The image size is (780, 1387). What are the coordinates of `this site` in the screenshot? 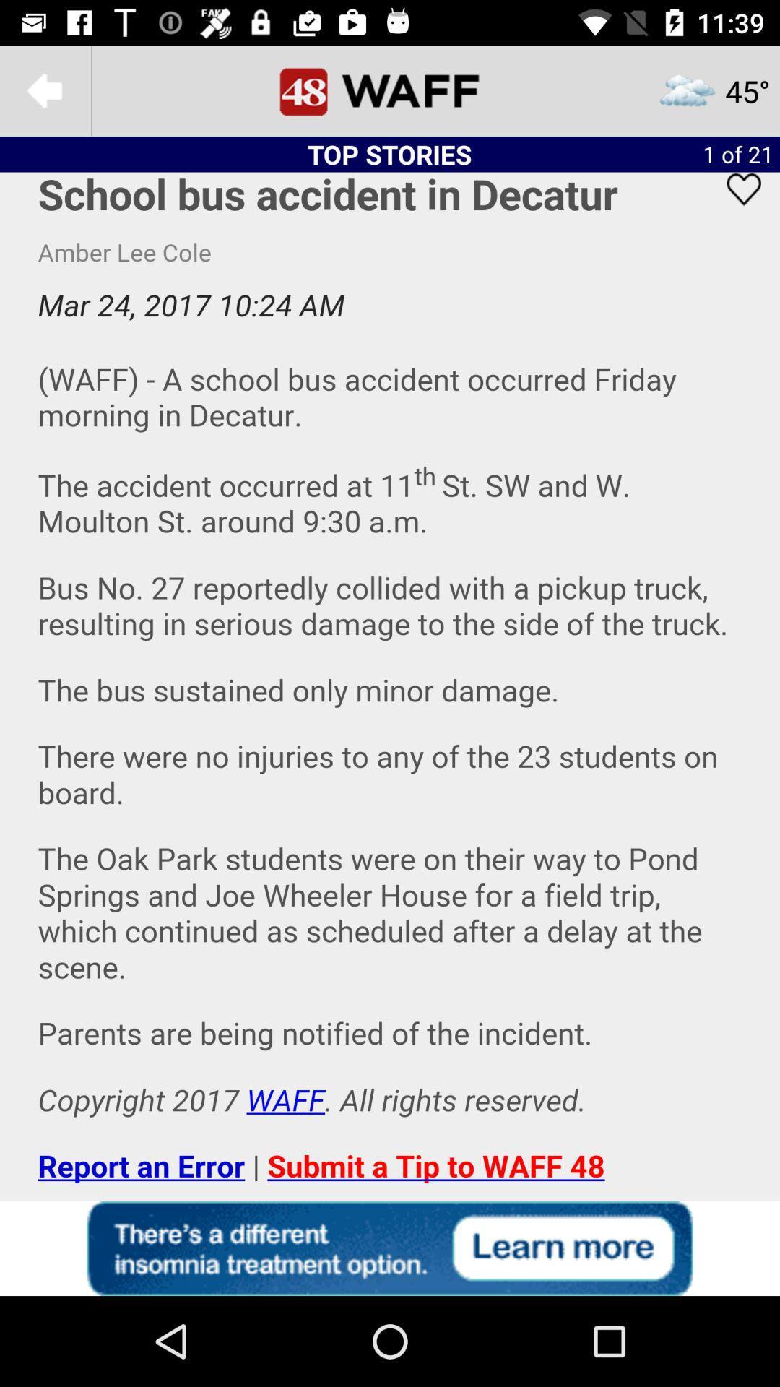 It's located at (390, 1248).